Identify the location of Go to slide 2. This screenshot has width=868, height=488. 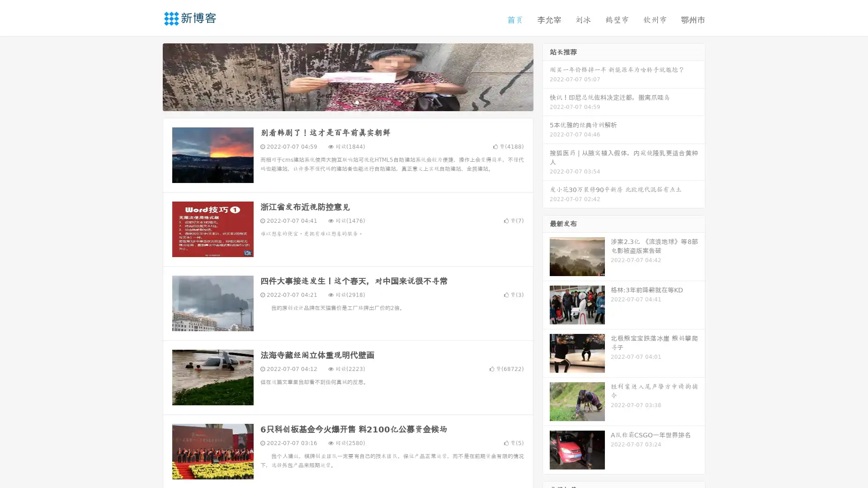
(347, 102).